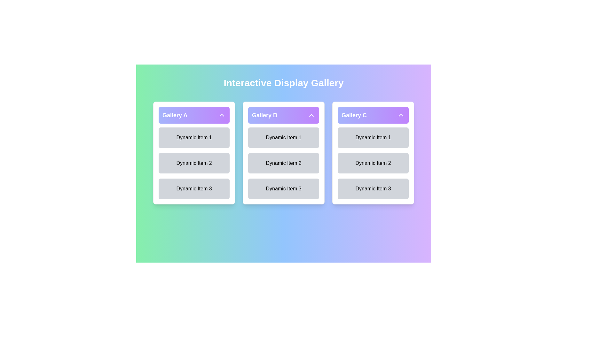 This screenshot has width=614, height=345. I want to click on the button representing 'Dynamic Item 3' in the 'Gallery B', so click(283, 188).